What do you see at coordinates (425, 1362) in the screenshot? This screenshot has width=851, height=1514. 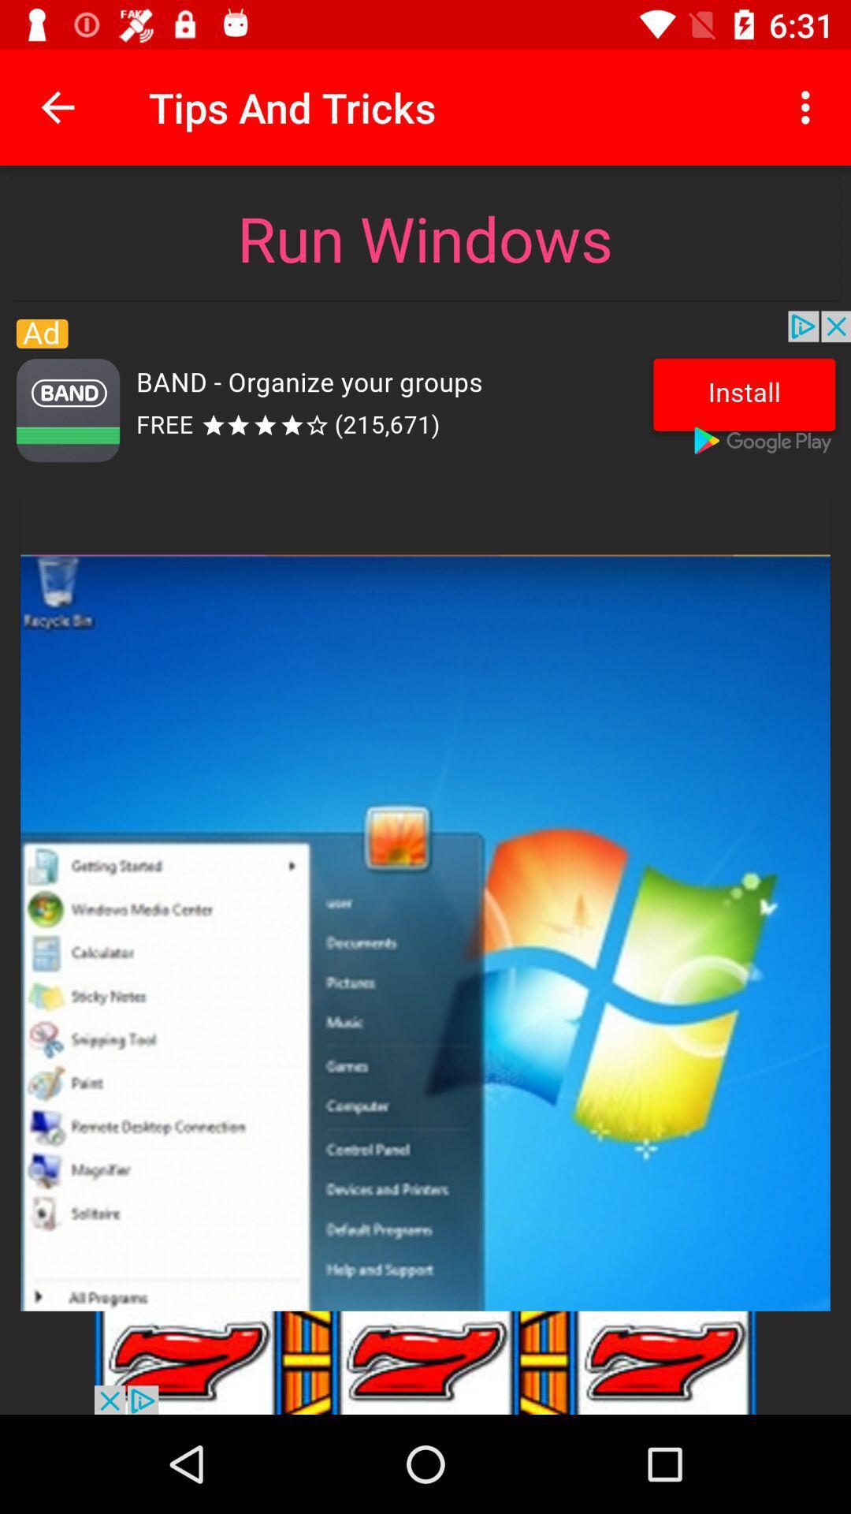 I see `announcement` at bounding box center [425, 1362].